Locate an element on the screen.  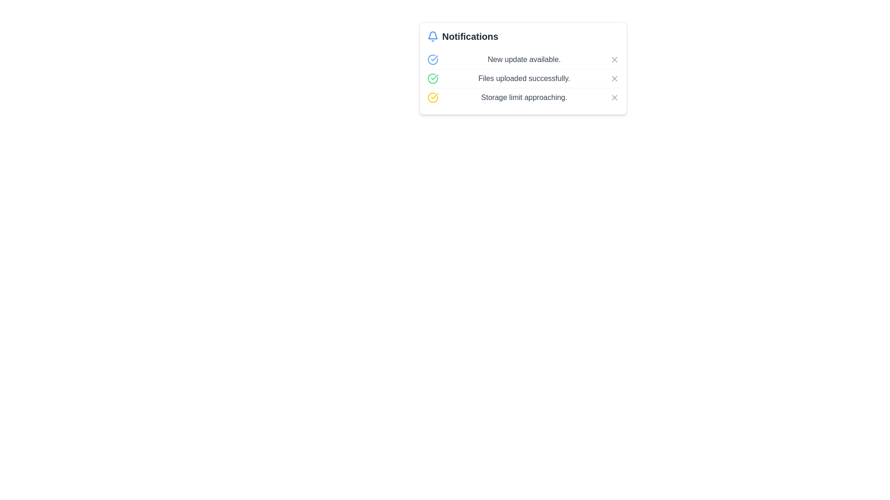
the circular icon with a yellow border and a white interior containing a checkmark shape, located in the third row of the notification list, leftmost in the row adjacent to the text 'Storage limit approaching' is located at coordinates (432, 98).